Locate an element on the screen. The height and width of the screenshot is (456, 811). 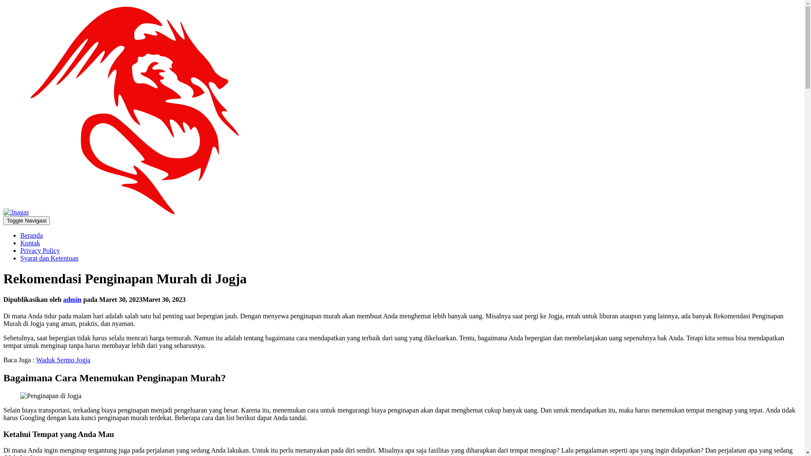
'Privacy Policy' is located at coordinates (40, 250).